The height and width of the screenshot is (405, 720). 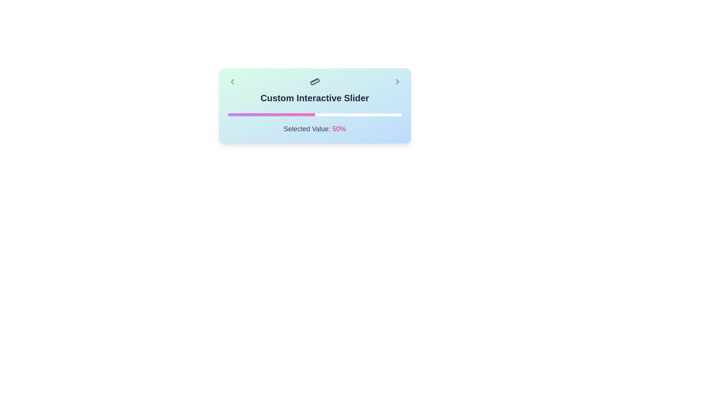 I want to click on the slider value, so click(x=358, y=114).